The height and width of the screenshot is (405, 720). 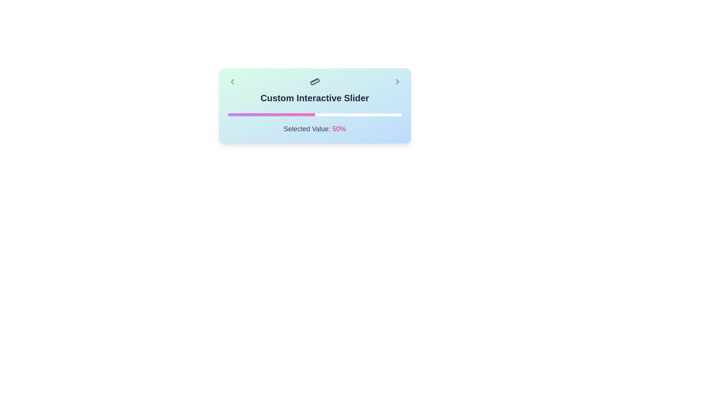 I want to click on the slider value, so click(x=358, y=114).